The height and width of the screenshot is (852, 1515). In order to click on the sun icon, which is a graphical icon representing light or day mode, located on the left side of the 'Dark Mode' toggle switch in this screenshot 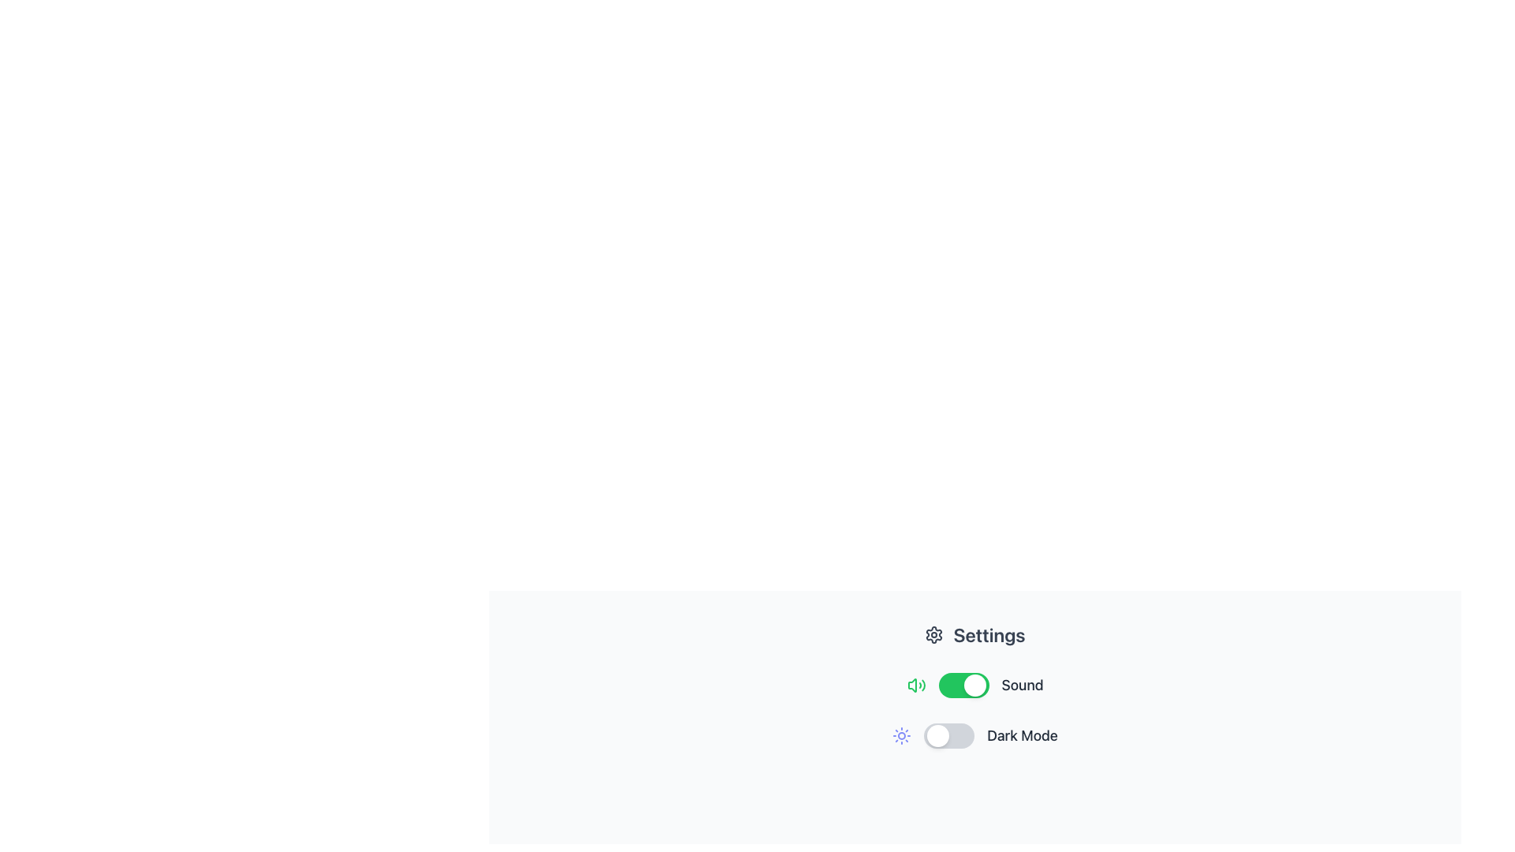, I will do `click(902, 736)`.